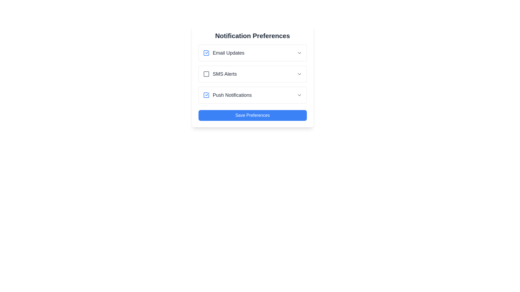  What do you see at coordinates (252, 53) in the screenshot?
I see `the dropdown` at bounding box center [252, 53].